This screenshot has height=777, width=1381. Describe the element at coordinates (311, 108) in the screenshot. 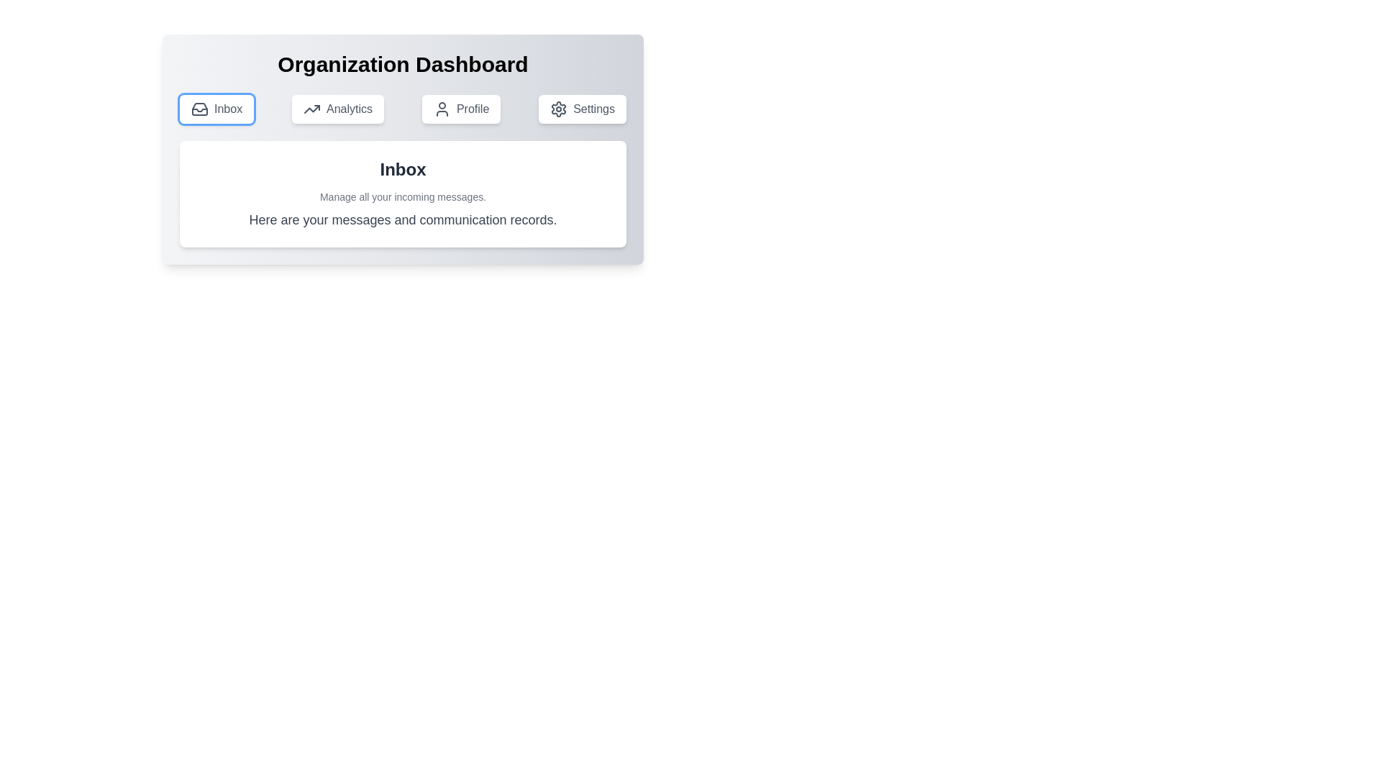

I see `the 'Analytics' icon located near the center of the 'Analytics' button, which is positioned second from the left among four buttons below the 'Organization Dashboard' header` at that location.